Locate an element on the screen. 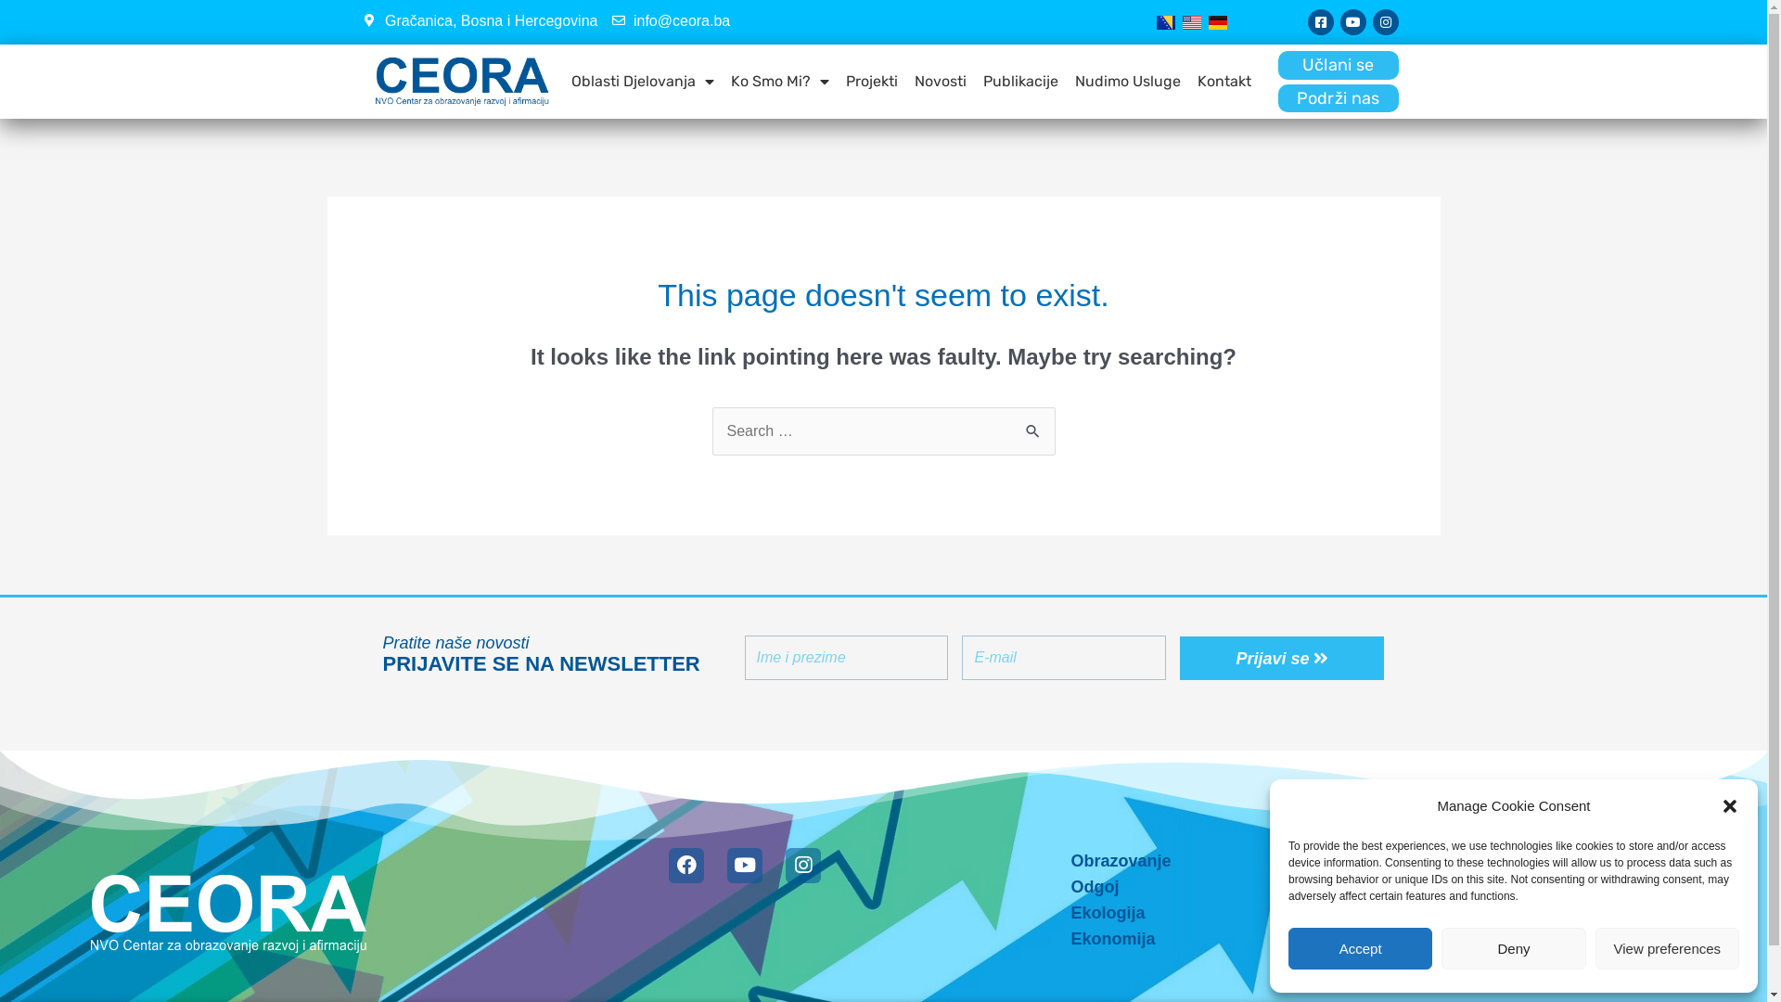 The image size is (1781, 1002). 'Ekologija' is located at coordinates (1051, 911).